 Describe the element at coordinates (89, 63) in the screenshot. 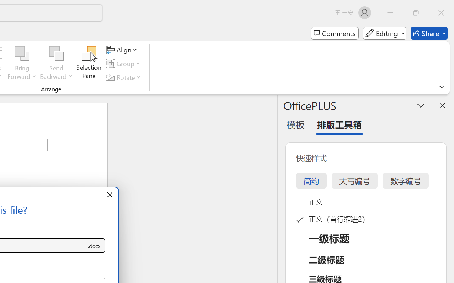

I see `'Selection Pane...'` at that location.